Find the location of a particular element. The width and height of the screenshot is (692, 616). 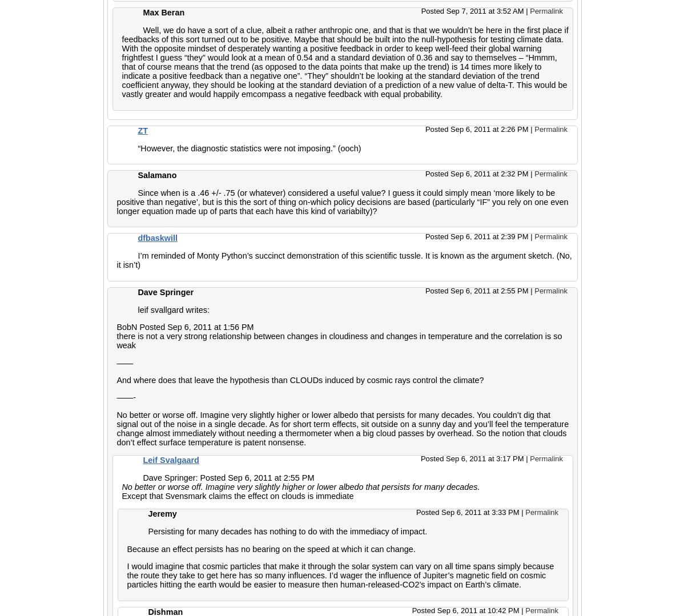

'Because an effect persists has no bearing on the speed at which it can change.' is located at coordinates (270, 547).